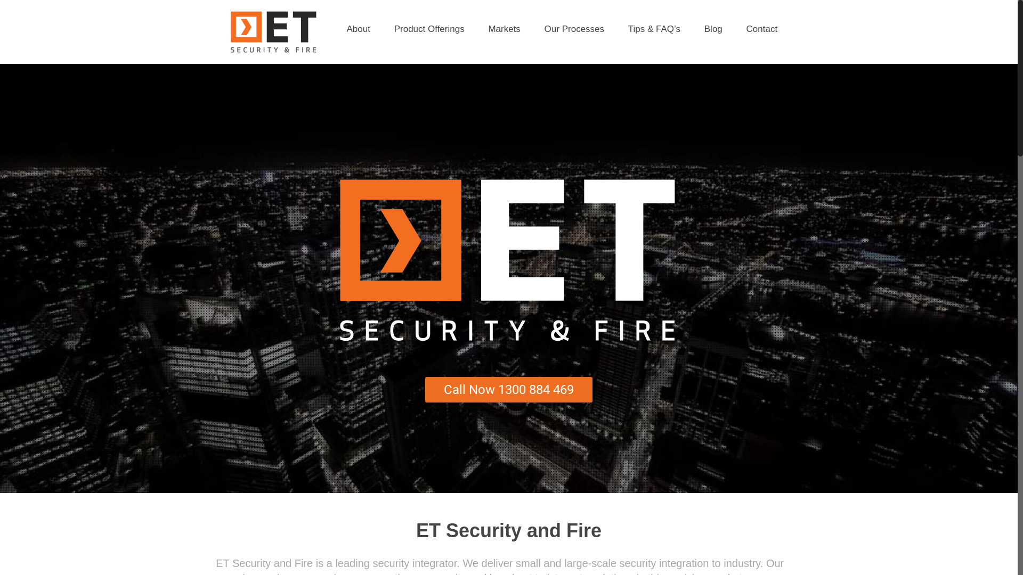 This screenshot has width=1023, height=575. Describe the element at coordinates (358, 28) in the screenshot. I see `'About'` at that location.